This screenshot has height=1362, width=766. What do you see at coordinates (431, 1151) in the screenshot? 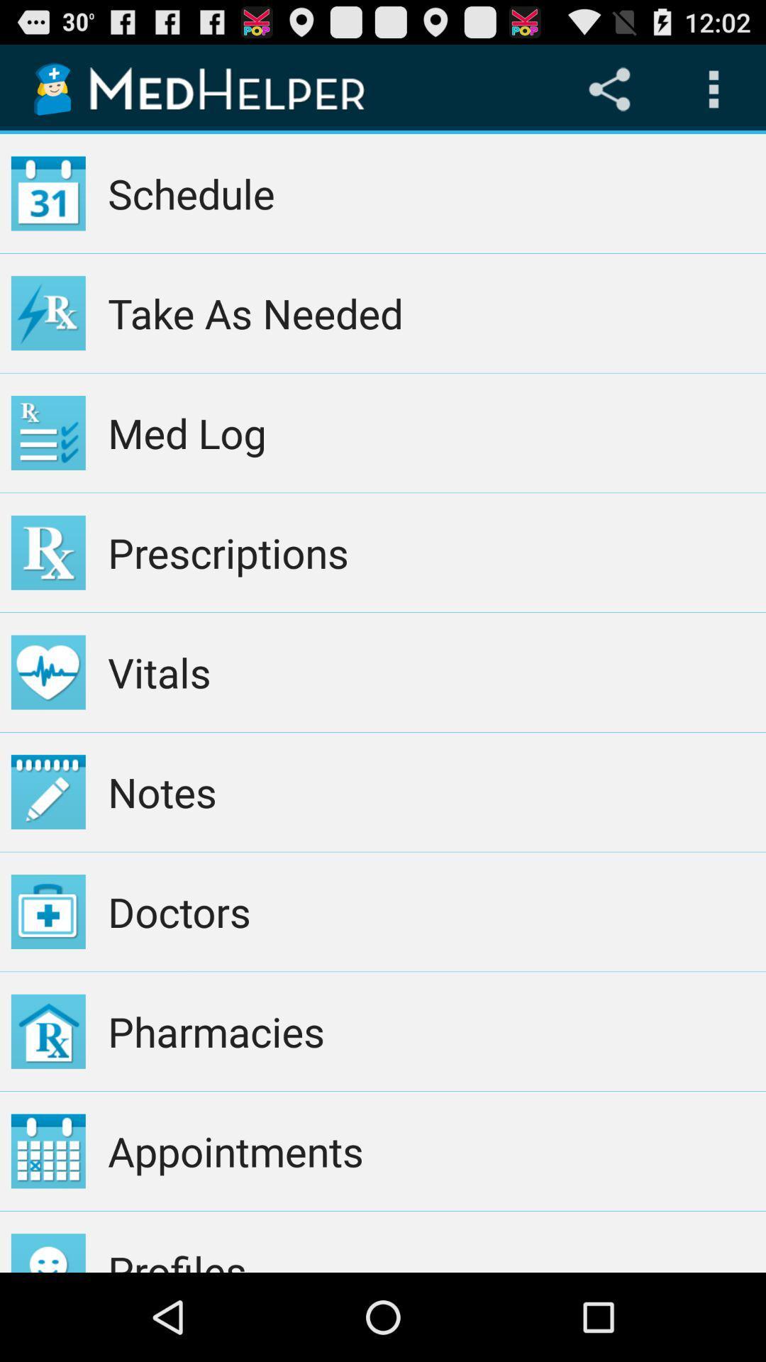
I see `the app below pharmacies item` at bounding box center [431, 1151].